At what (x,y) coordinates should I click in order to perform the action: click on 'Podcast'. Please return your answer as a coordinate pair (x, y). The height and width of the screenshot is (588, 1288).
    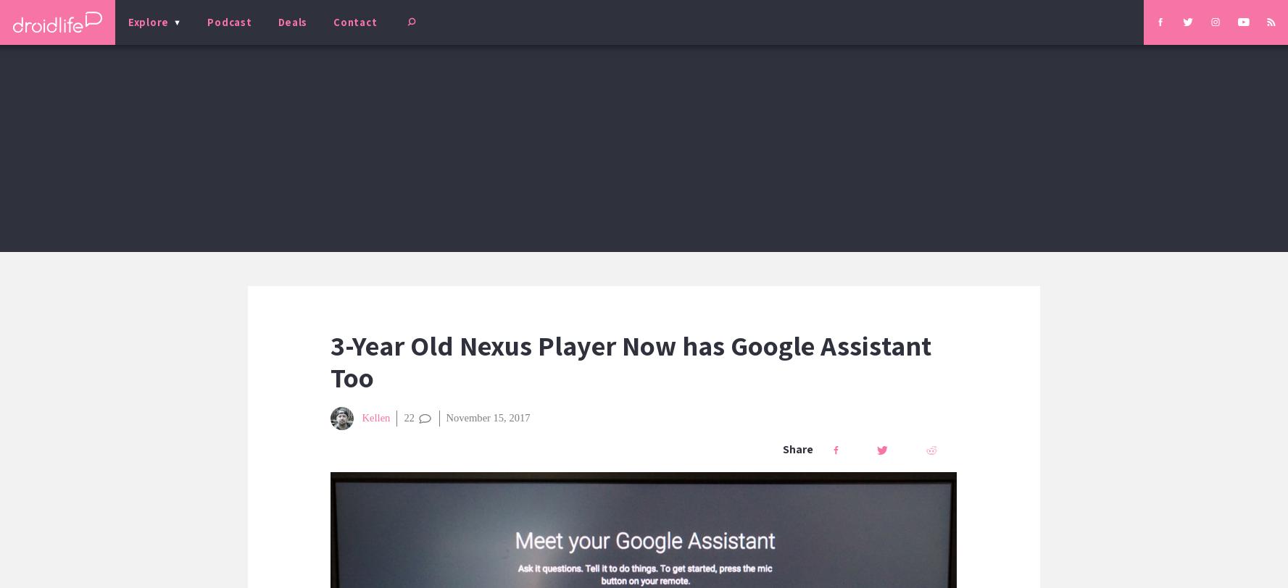
    Looking at the image, I should click on (228, 21).